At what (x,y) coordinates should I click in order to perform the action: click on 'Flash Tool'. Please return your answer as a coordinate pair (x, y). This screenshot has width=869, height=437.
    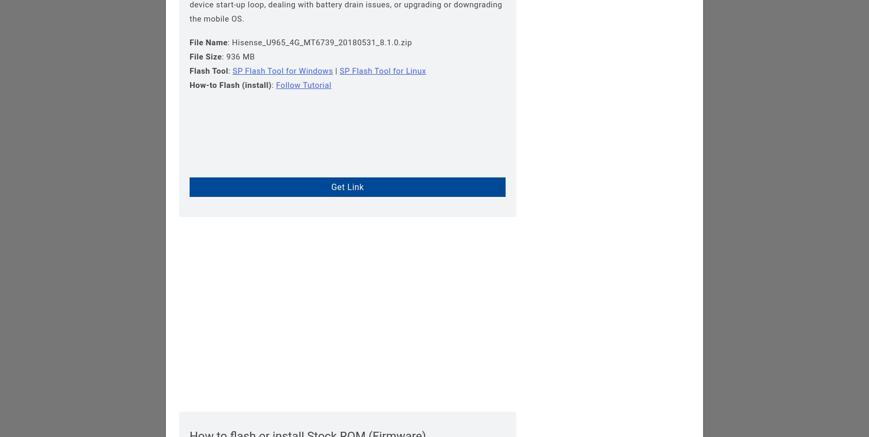
    Looking at the image, I should click on (209, 71).